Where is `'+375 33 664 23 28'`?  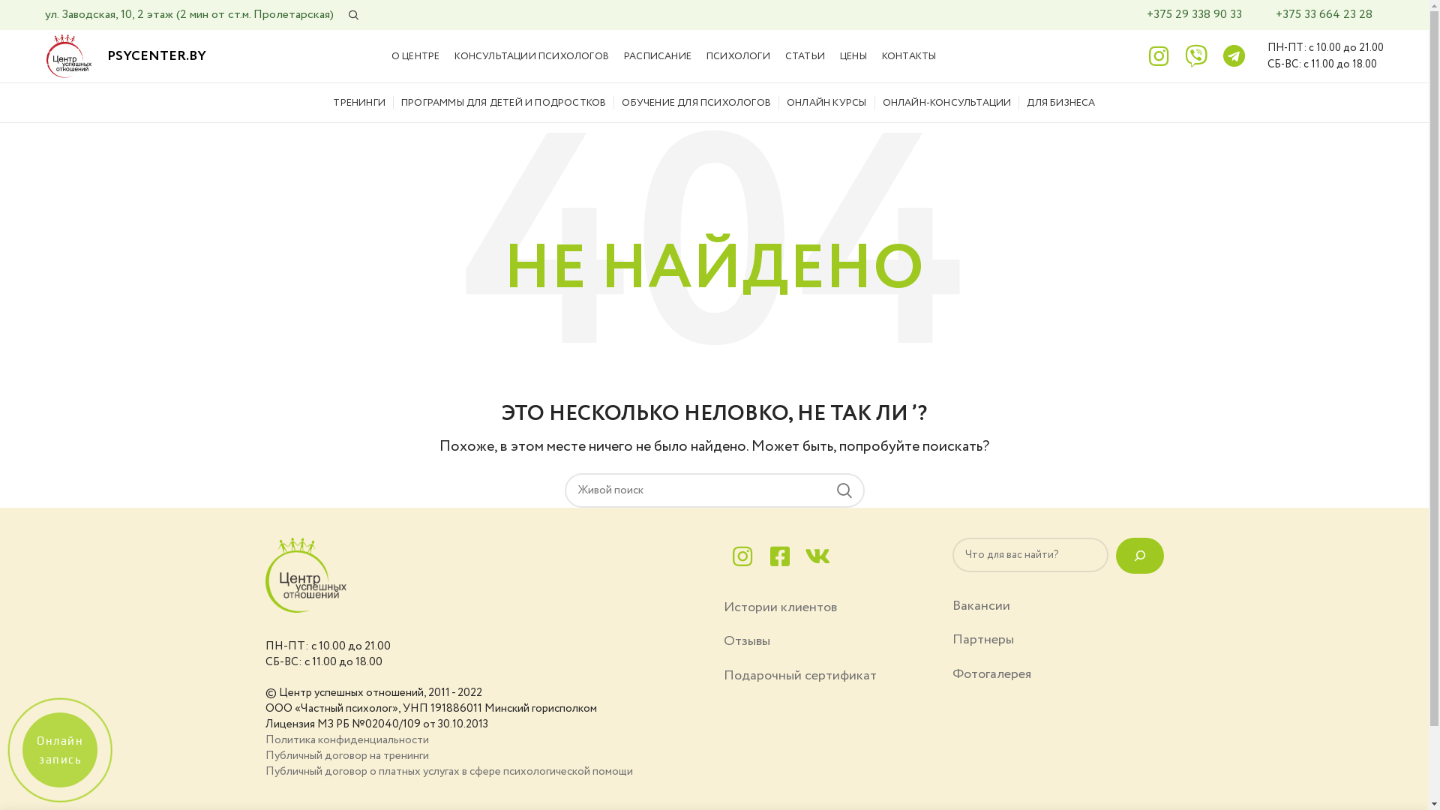 '+375 33 664 23 28' is located at coordinates (1324, 14).